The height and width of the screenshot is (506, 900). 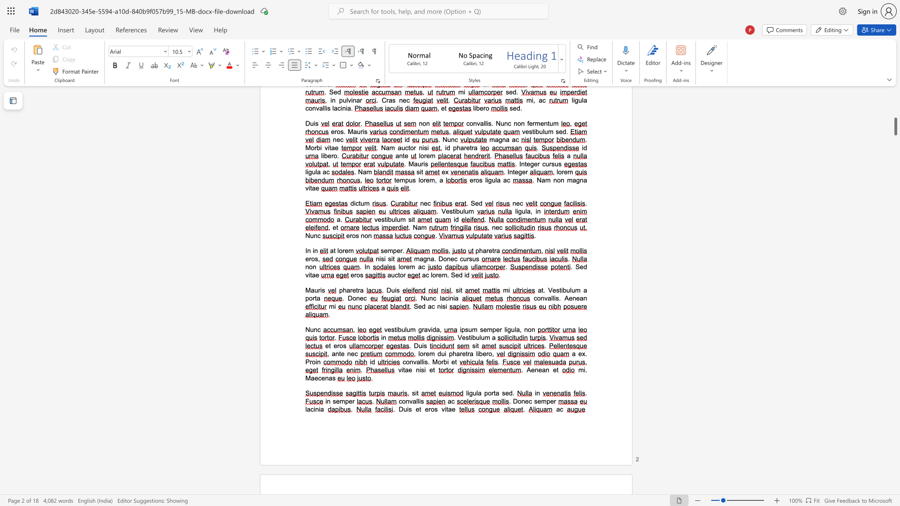 What do you see at coordinates (420, 329) in the screenshot?
I see `the 1th character "g" in the text` at bounding box center [420, 329].